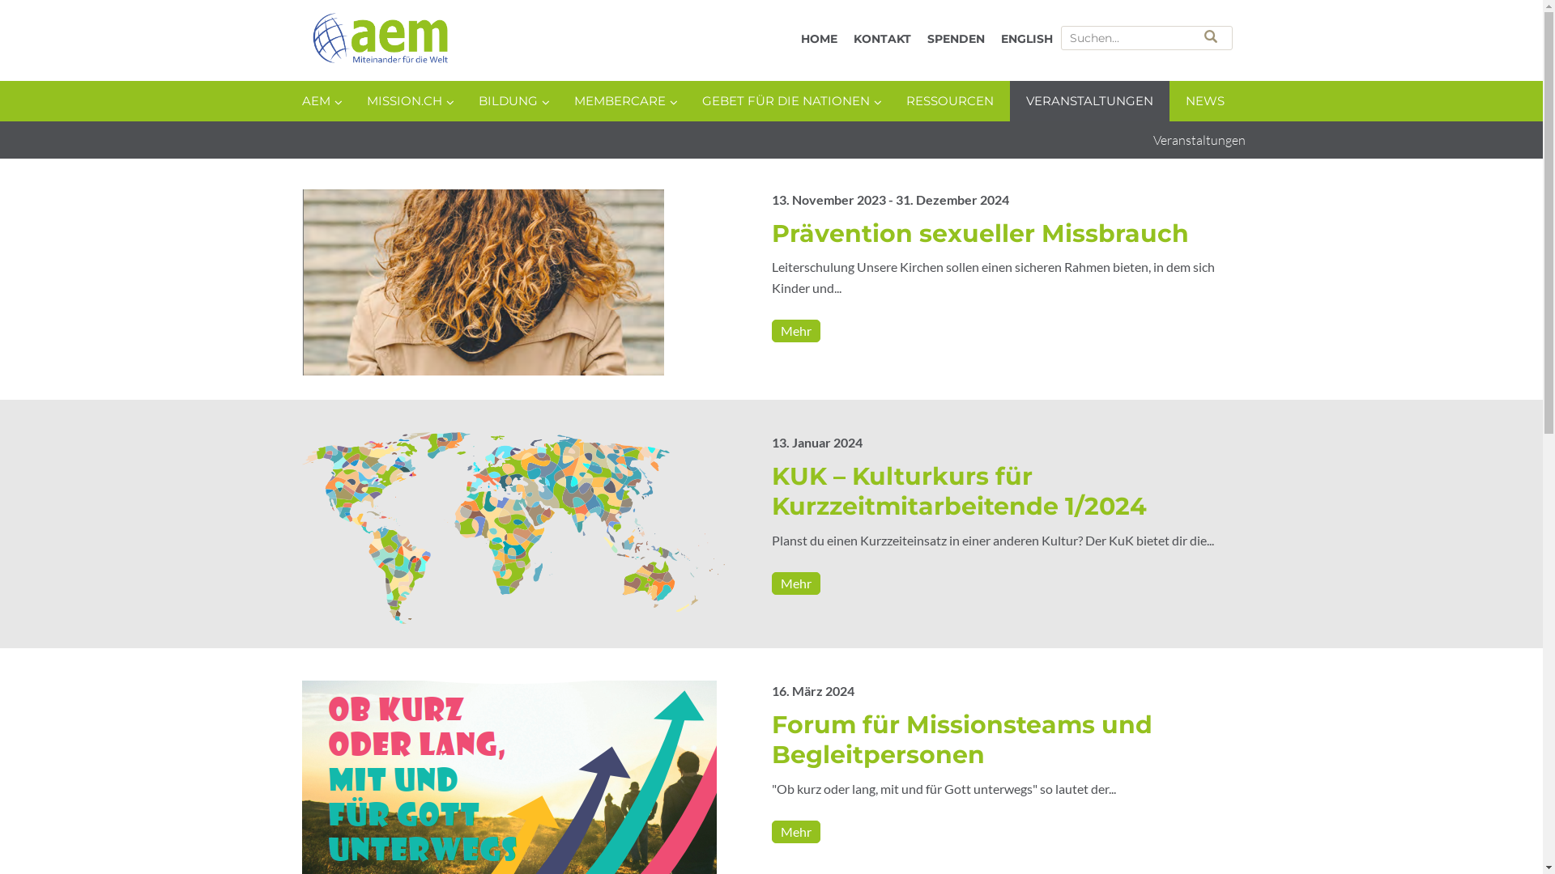  What do you see at coordinates (844, 37) in the screenshot?
I see `'KONTAKT'` at bounding box center [844, 37].